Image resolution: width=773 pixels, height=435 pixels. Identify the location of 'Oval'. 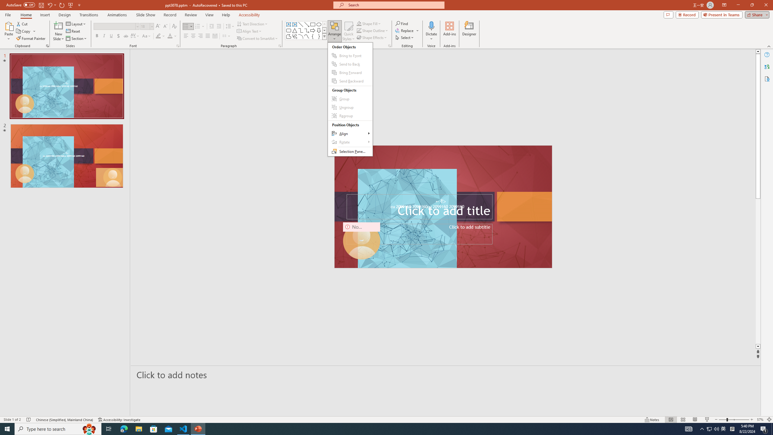
(319, 24).